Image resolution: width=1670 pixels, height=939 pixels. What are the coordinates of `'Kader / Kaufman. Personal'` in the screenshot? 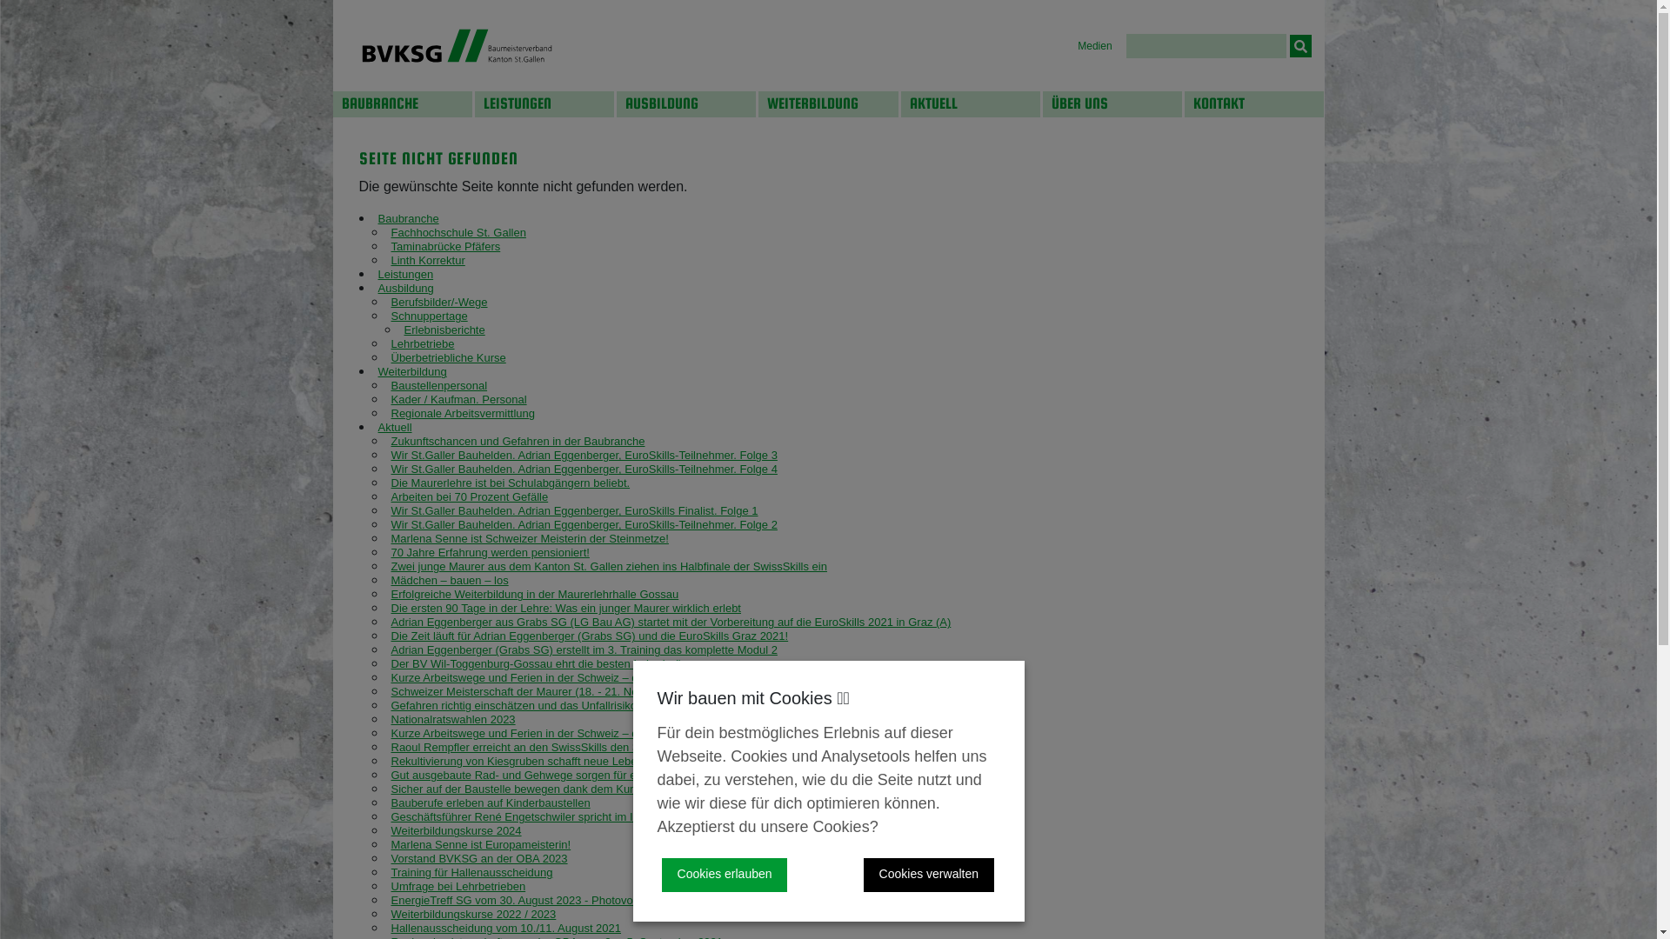 It's located at (459, 399).